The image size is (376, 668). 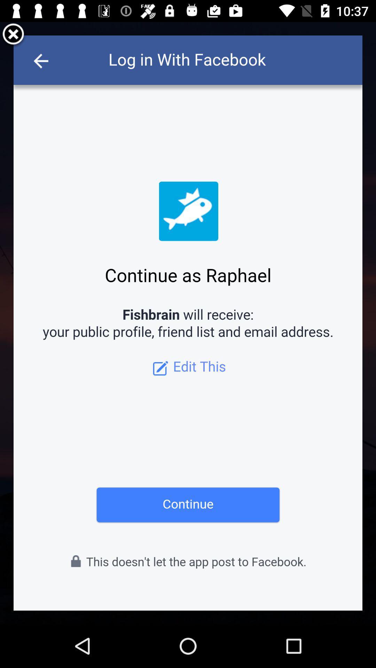 I want to click on the close icon, so click(x=13, y=36).